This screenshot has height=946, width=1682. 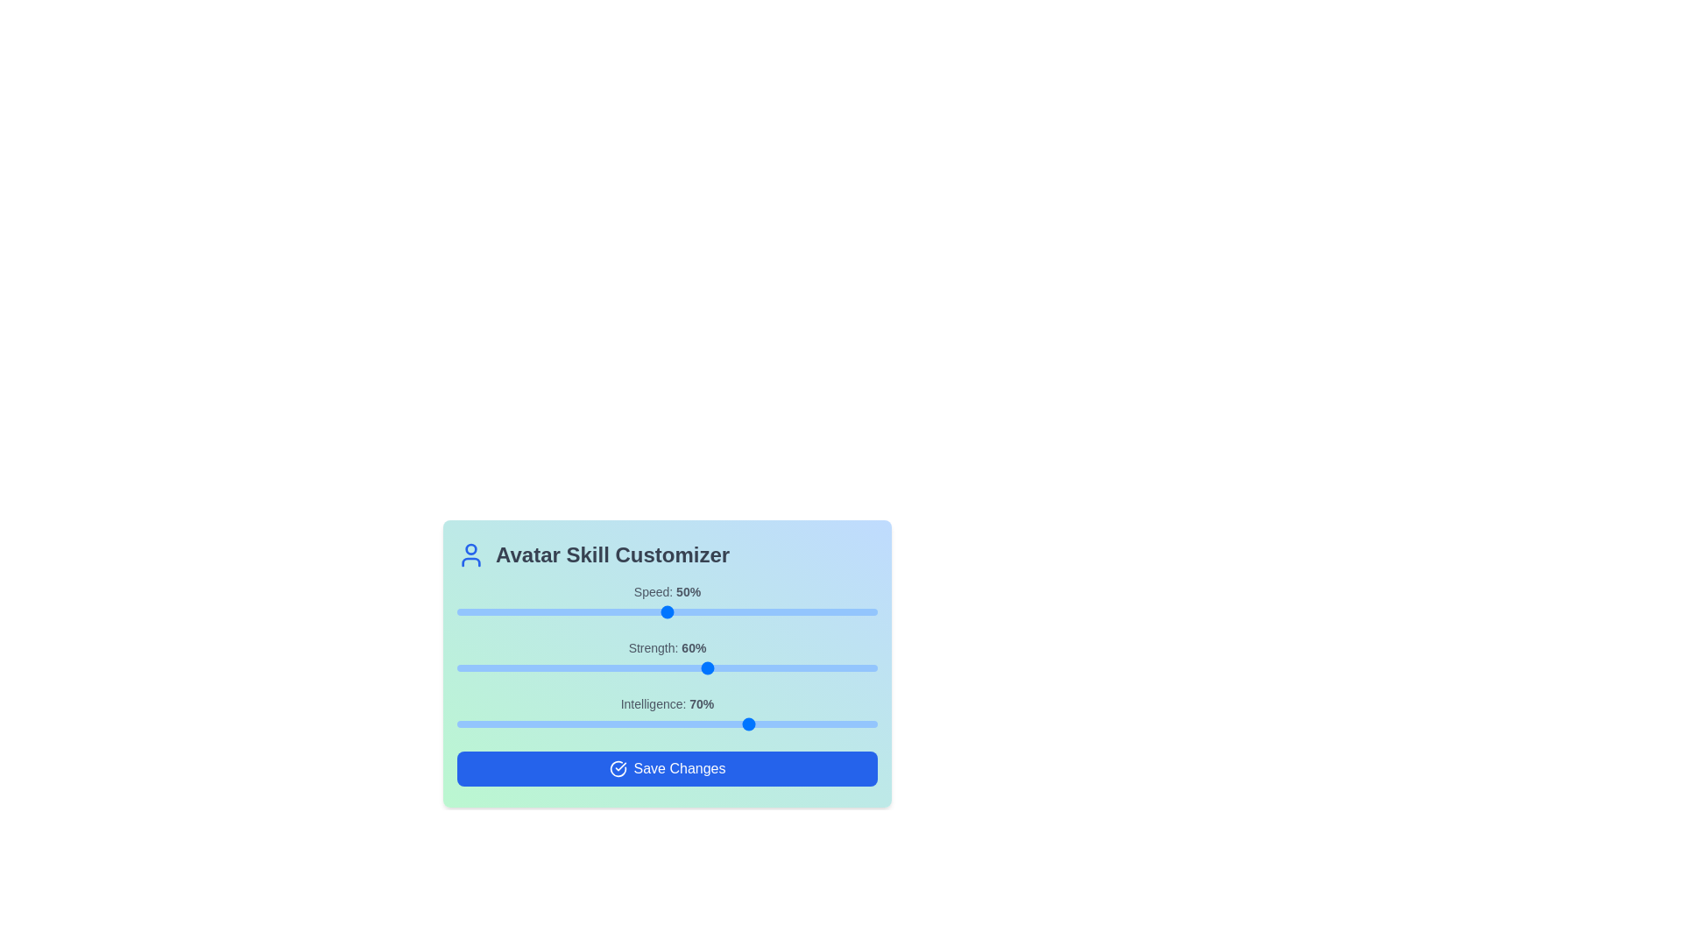 What do you see at coordinates (667, 702) in the screenshot?
I see `the text displaying 'Intelligence: 70%' which is part of the skills customization section in the Avatar Skill Customizer, located between the 'Strength: 60%' slider and the 'Intelligence' slider` at bounding box center [667, 702].